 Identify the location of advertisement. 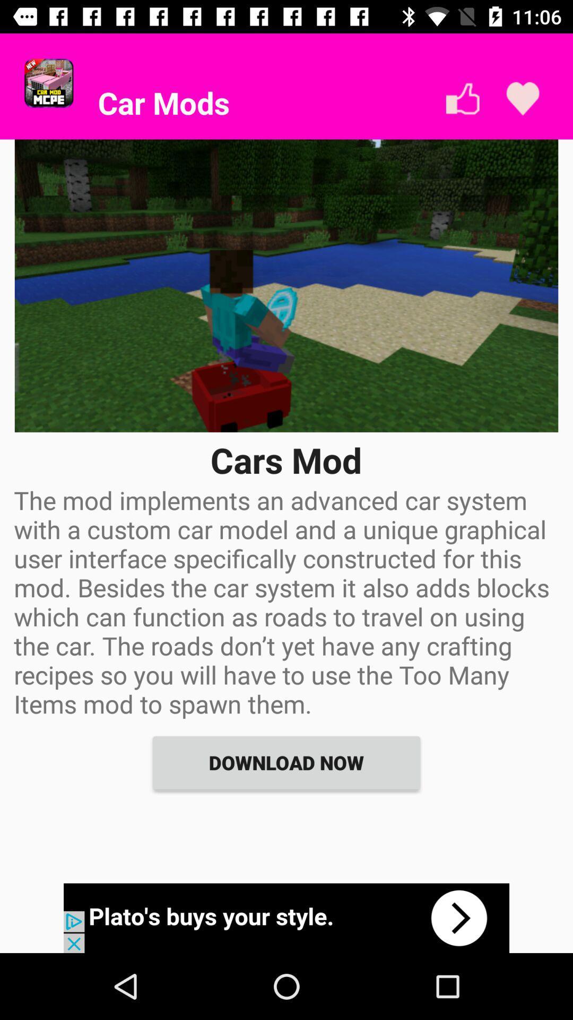
(286, 917).